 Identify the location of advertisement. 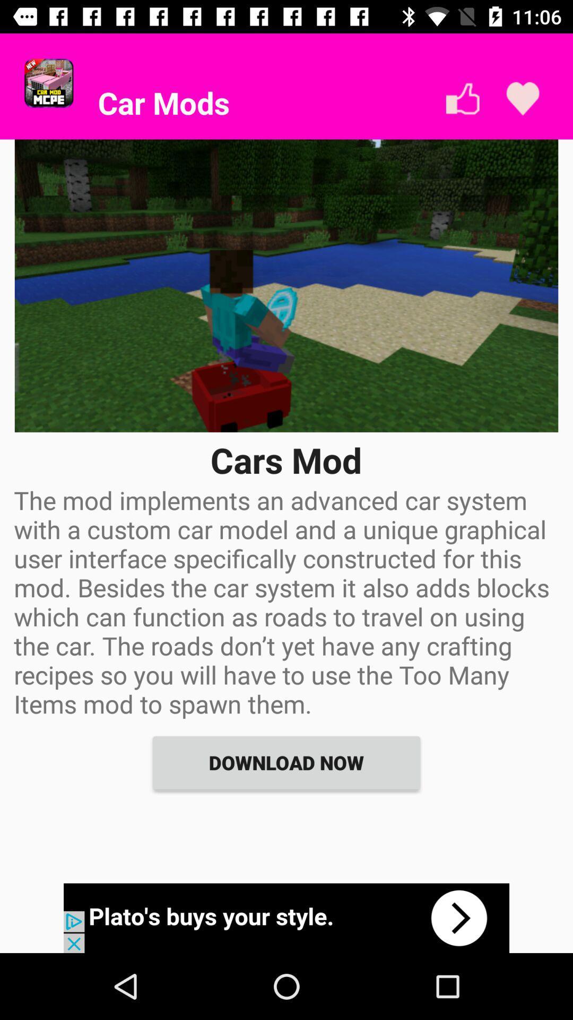
(286, 917).